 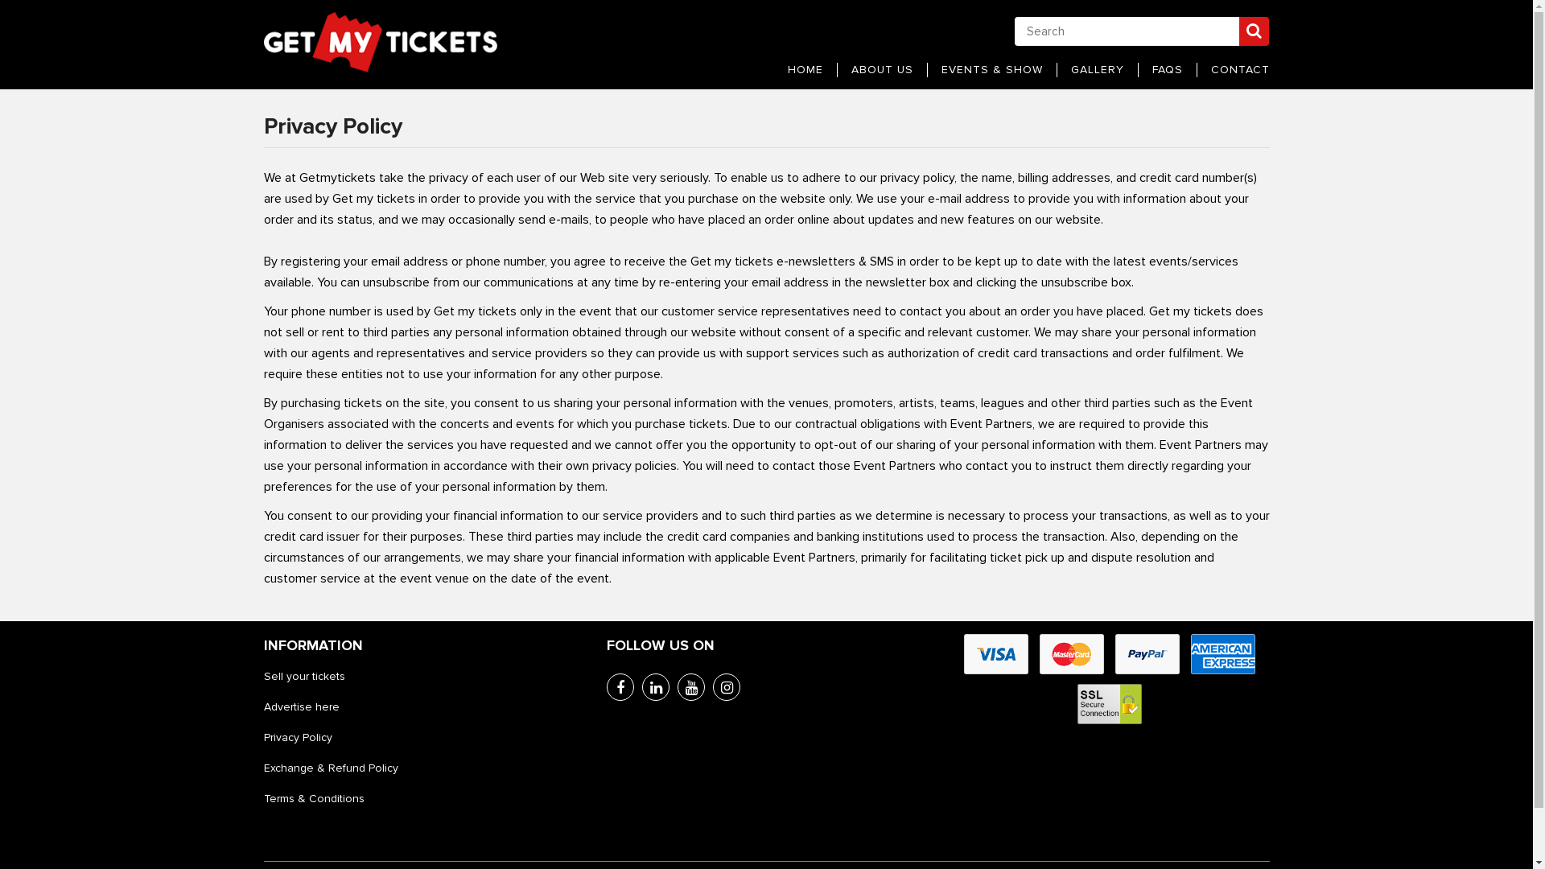 I want to click on 'Privacy Policy', so click(x=298, y=738).